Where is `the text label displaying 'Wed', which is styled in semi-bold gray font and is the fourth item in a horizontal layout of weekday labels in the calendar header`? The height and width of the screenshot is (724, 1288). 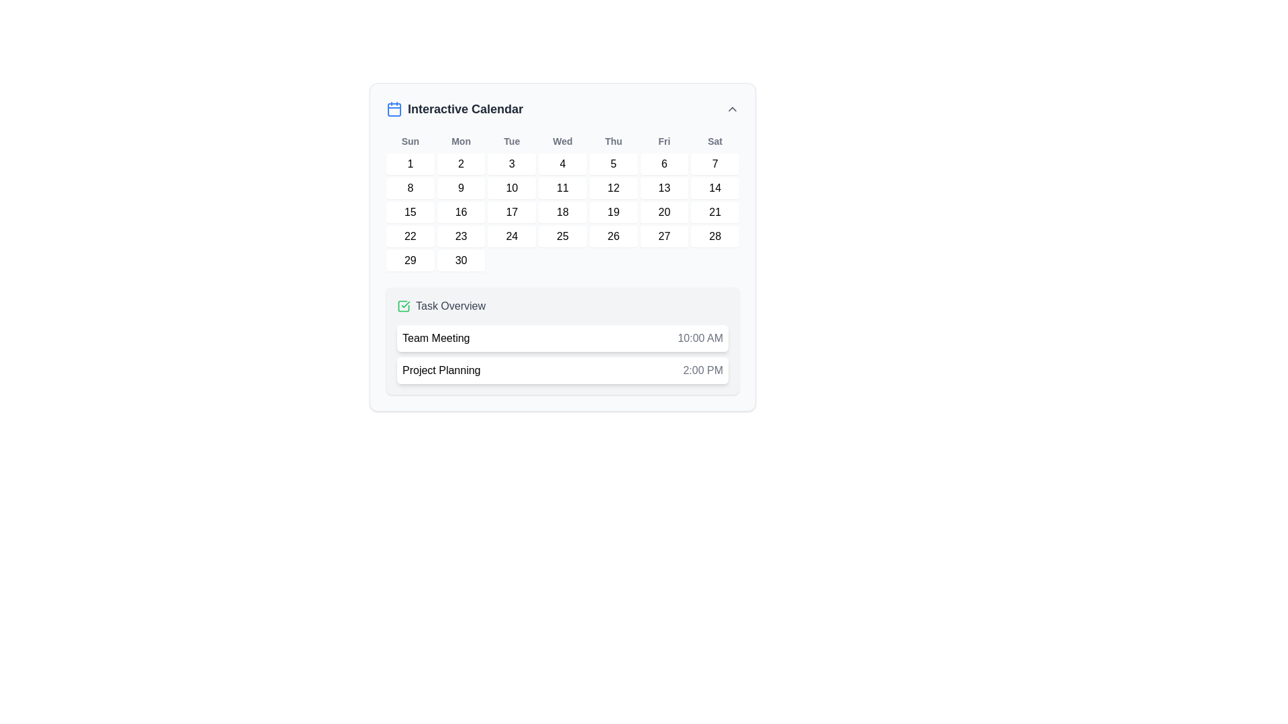
the text label displaying 'Wed', which is styled in semi-bold gray font and is the fourth item in a horizontal layout of weekday labels in the calendar header is located at coordinates (563, 141).